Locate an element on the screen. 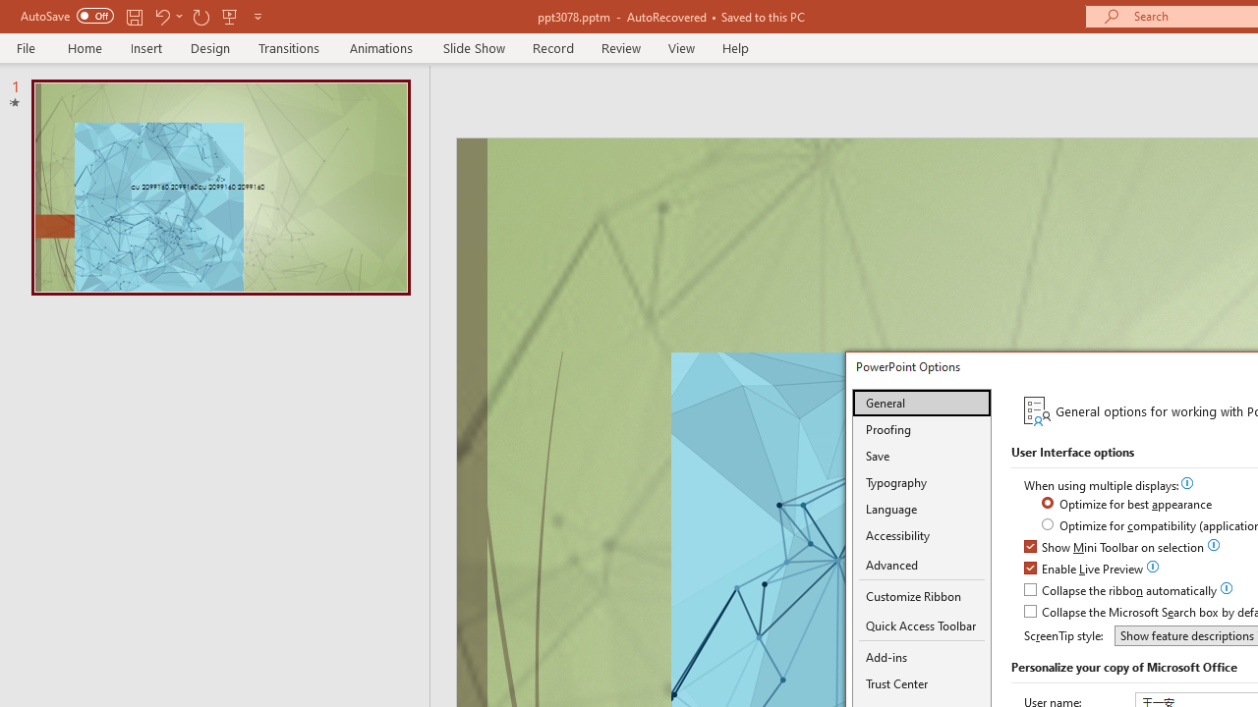 The width and height of the screenshot is (1258, 707). 'Proofing' is located at coordinates (921, 428).